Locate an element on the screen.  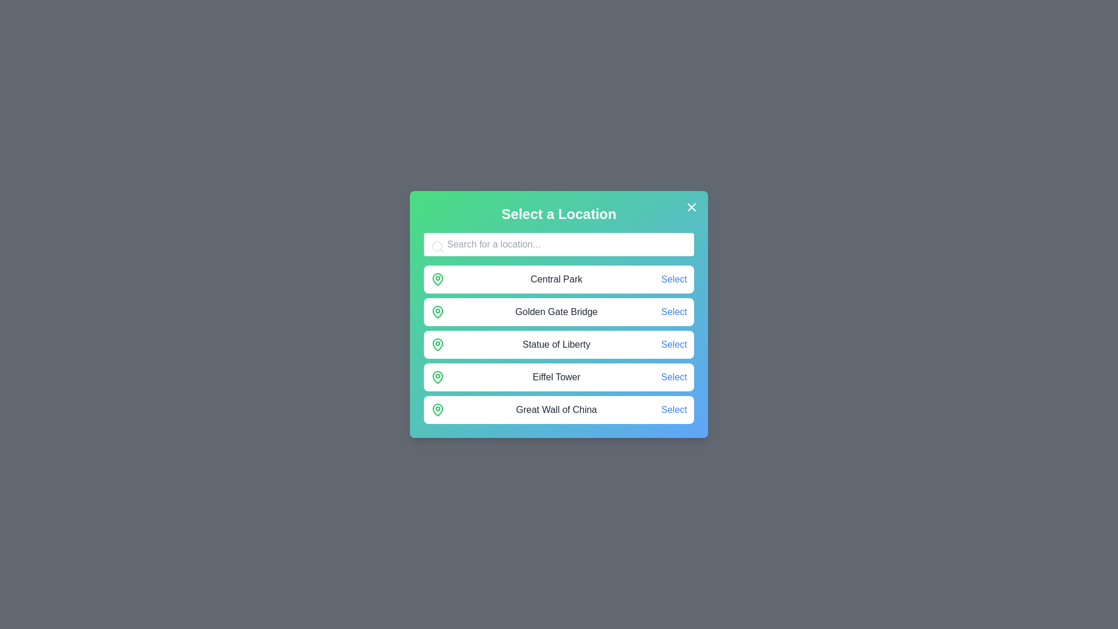
'Select' button corresponding to Great Wall of China is located at coordinates (674, 409).